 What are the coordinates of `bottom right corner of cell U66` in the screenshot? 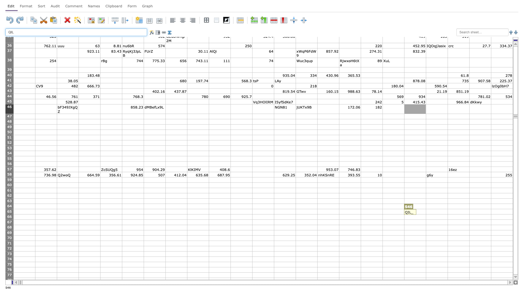 It's located at (469, 219).